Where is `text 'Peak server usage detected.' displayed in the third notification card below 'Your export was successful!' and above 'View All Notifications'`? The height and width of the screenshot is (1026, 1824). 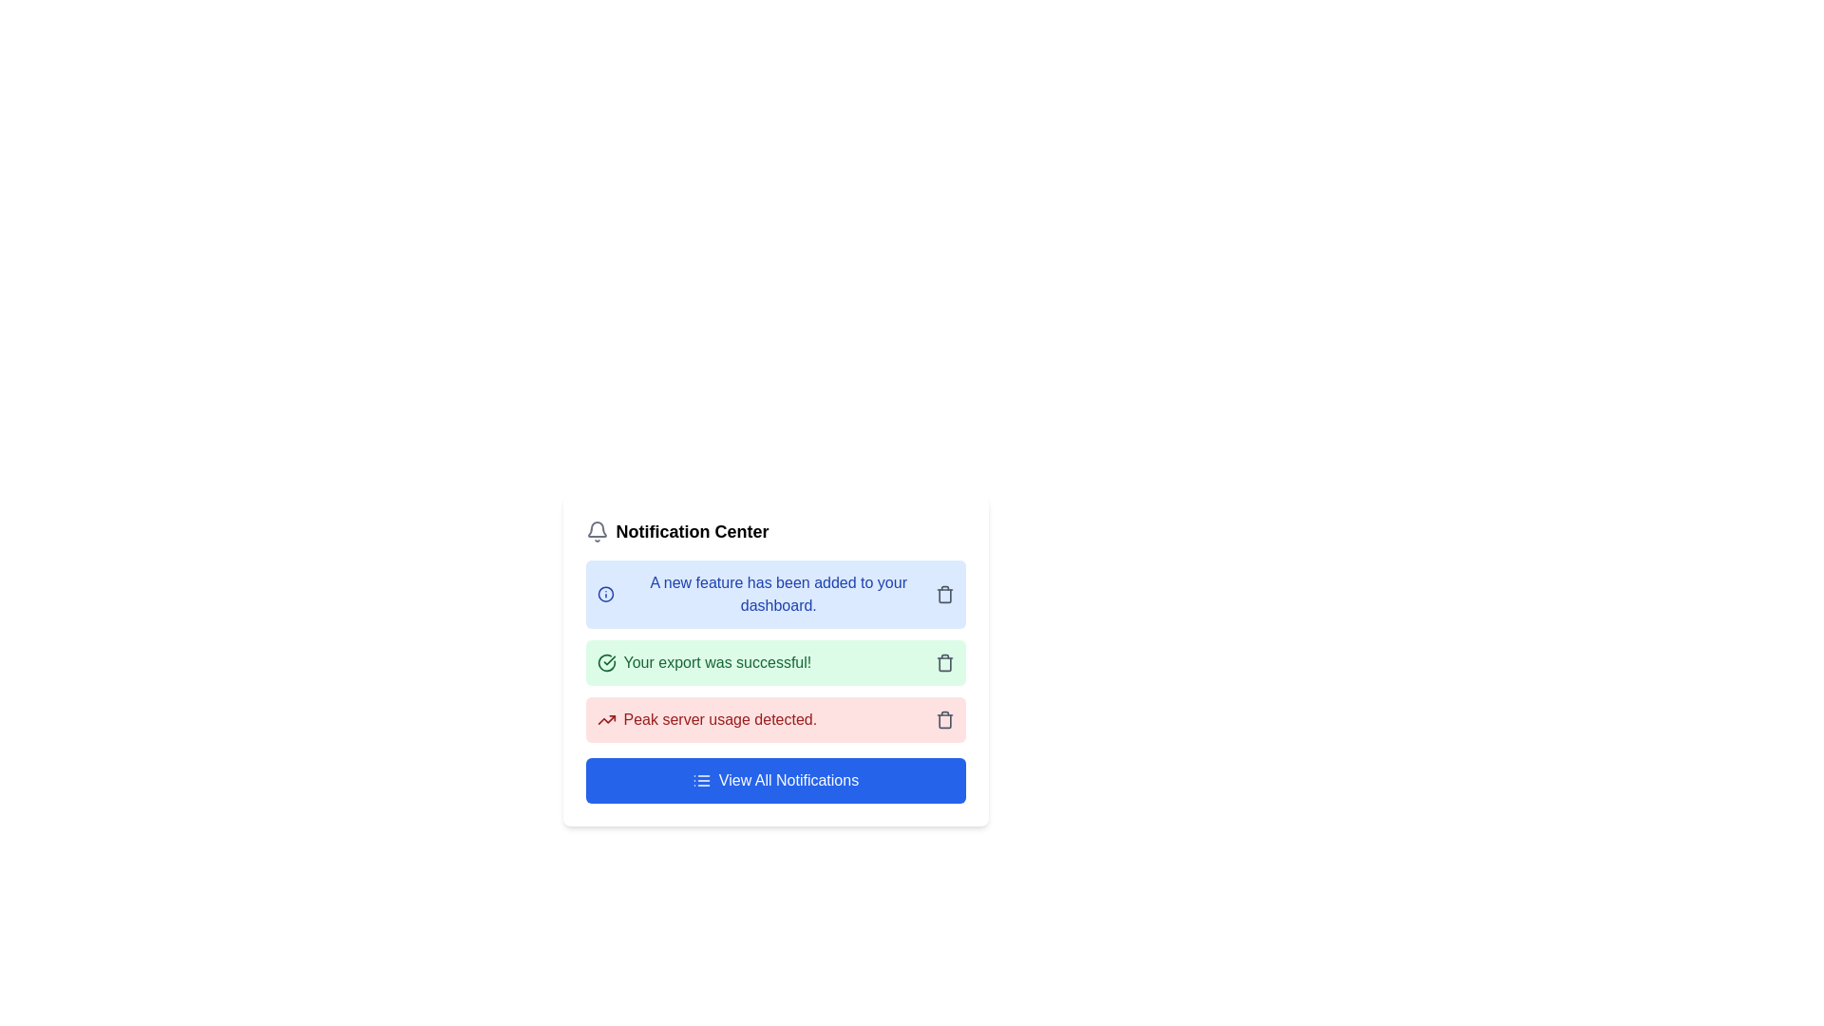
text 'Peak server usage detected.' displayed in the third notification card below 'Your export was successful!' and above 'View All Notifications' is located at coordinates (706, 720).